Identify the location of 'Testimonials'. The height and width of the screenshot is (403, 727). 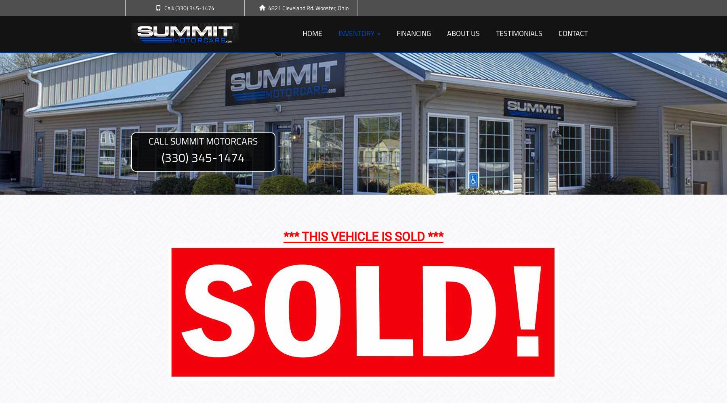
(519, 33).